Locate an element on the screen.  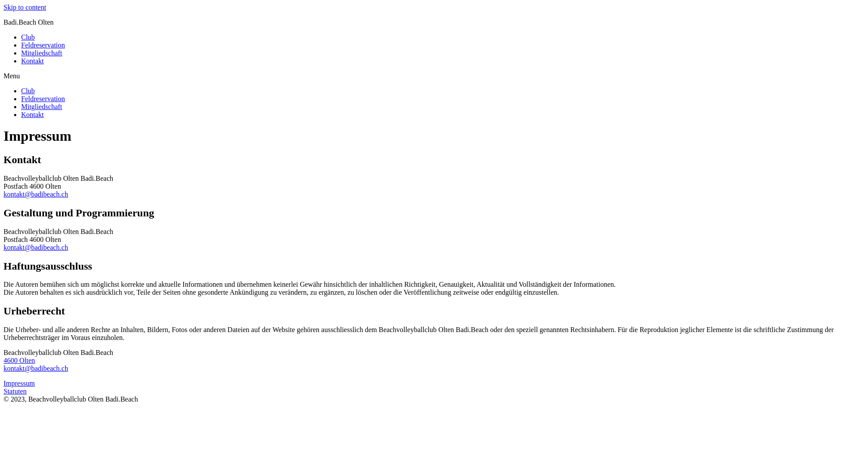
'Impressum' is located at coordinates (19, 383).